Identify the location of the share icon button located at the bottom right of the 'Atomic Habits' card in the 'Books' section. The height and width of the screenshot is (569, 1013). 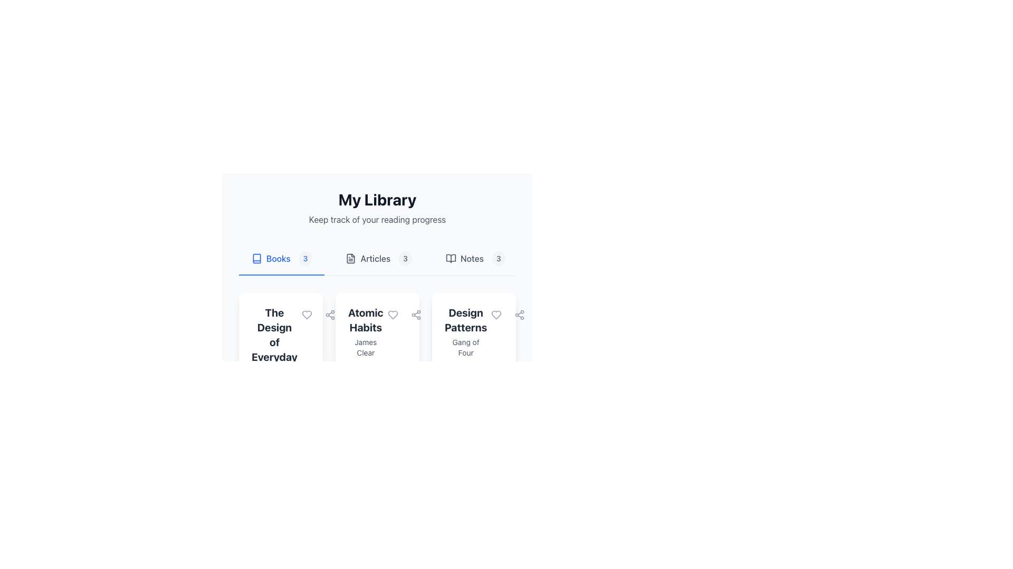
(415, 314).